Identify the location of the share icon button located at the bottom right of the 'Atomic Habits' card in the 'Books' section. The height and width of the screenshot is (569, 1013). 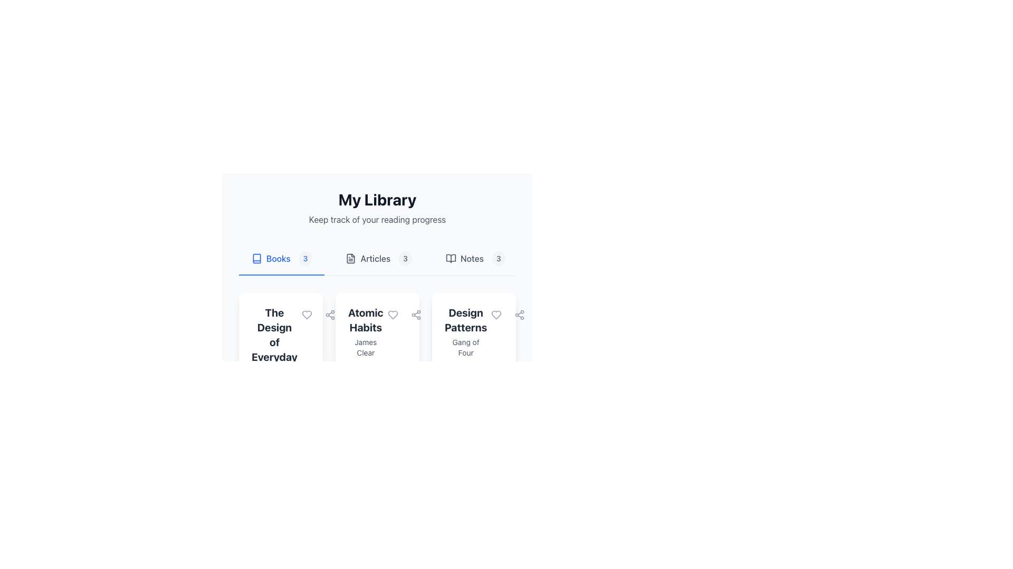
(415, 314).